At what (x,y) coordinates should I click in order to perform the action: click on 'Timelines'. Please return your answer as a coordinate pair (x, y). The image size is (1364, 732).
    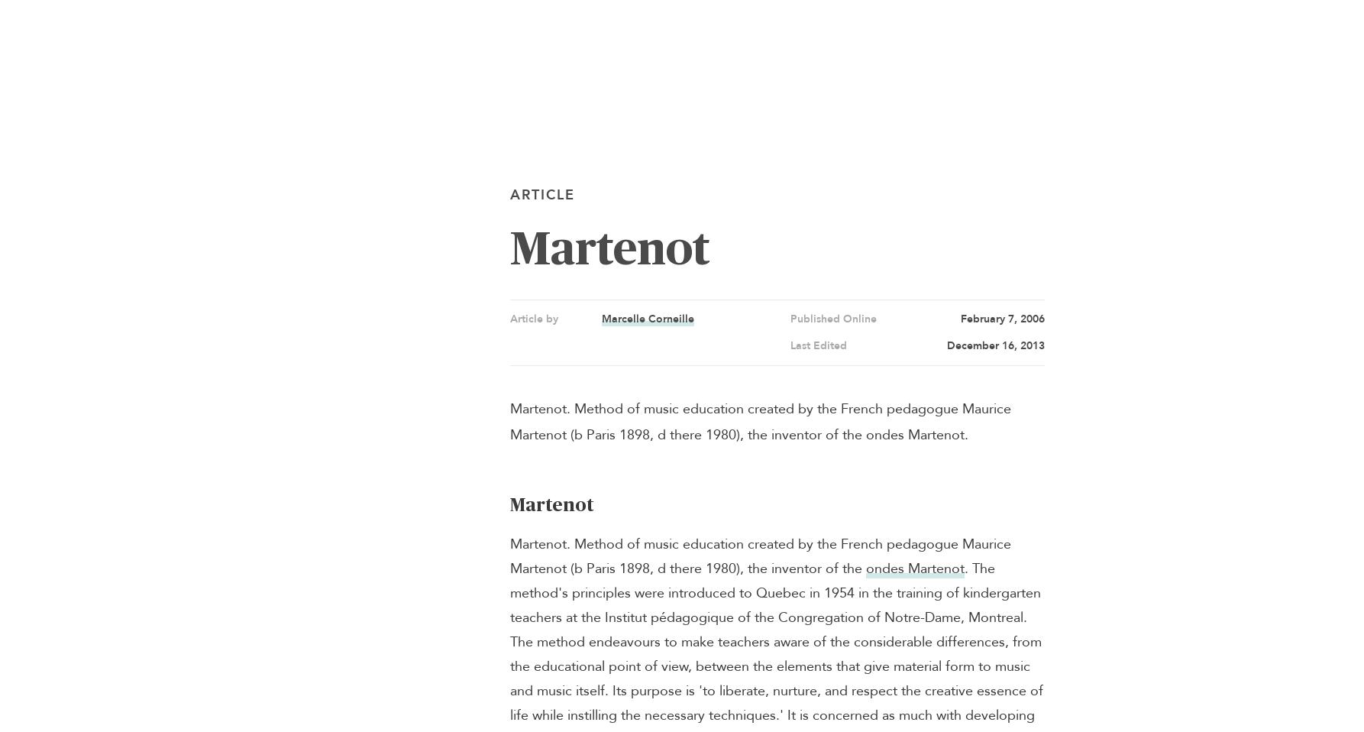
    Looking at the image, I should click on (594, 29).